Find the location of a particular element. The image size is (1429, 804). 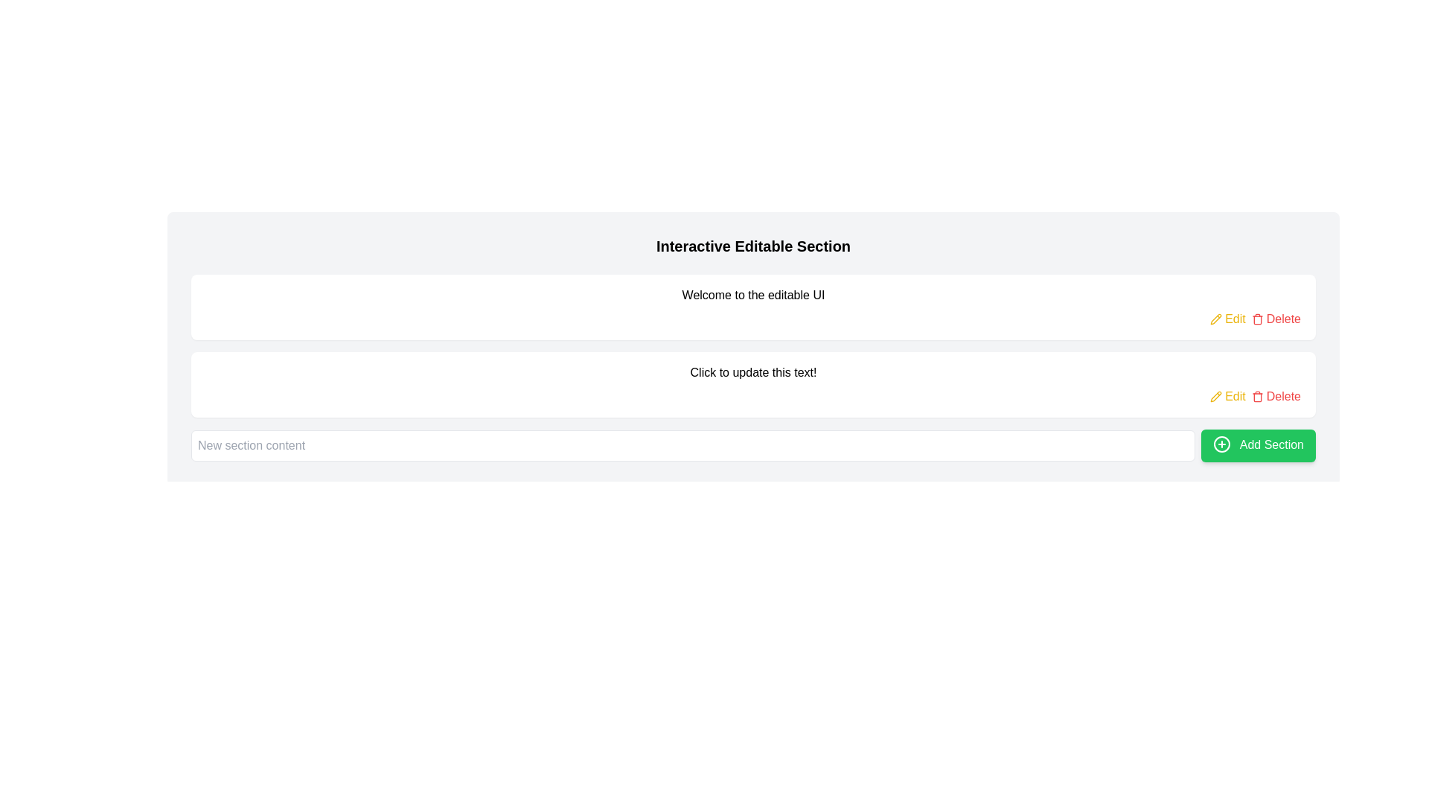

the Text Header labeled 'Interactive Editable Section', which serves as a static title for the section below it is located at coordinates (753, 246).